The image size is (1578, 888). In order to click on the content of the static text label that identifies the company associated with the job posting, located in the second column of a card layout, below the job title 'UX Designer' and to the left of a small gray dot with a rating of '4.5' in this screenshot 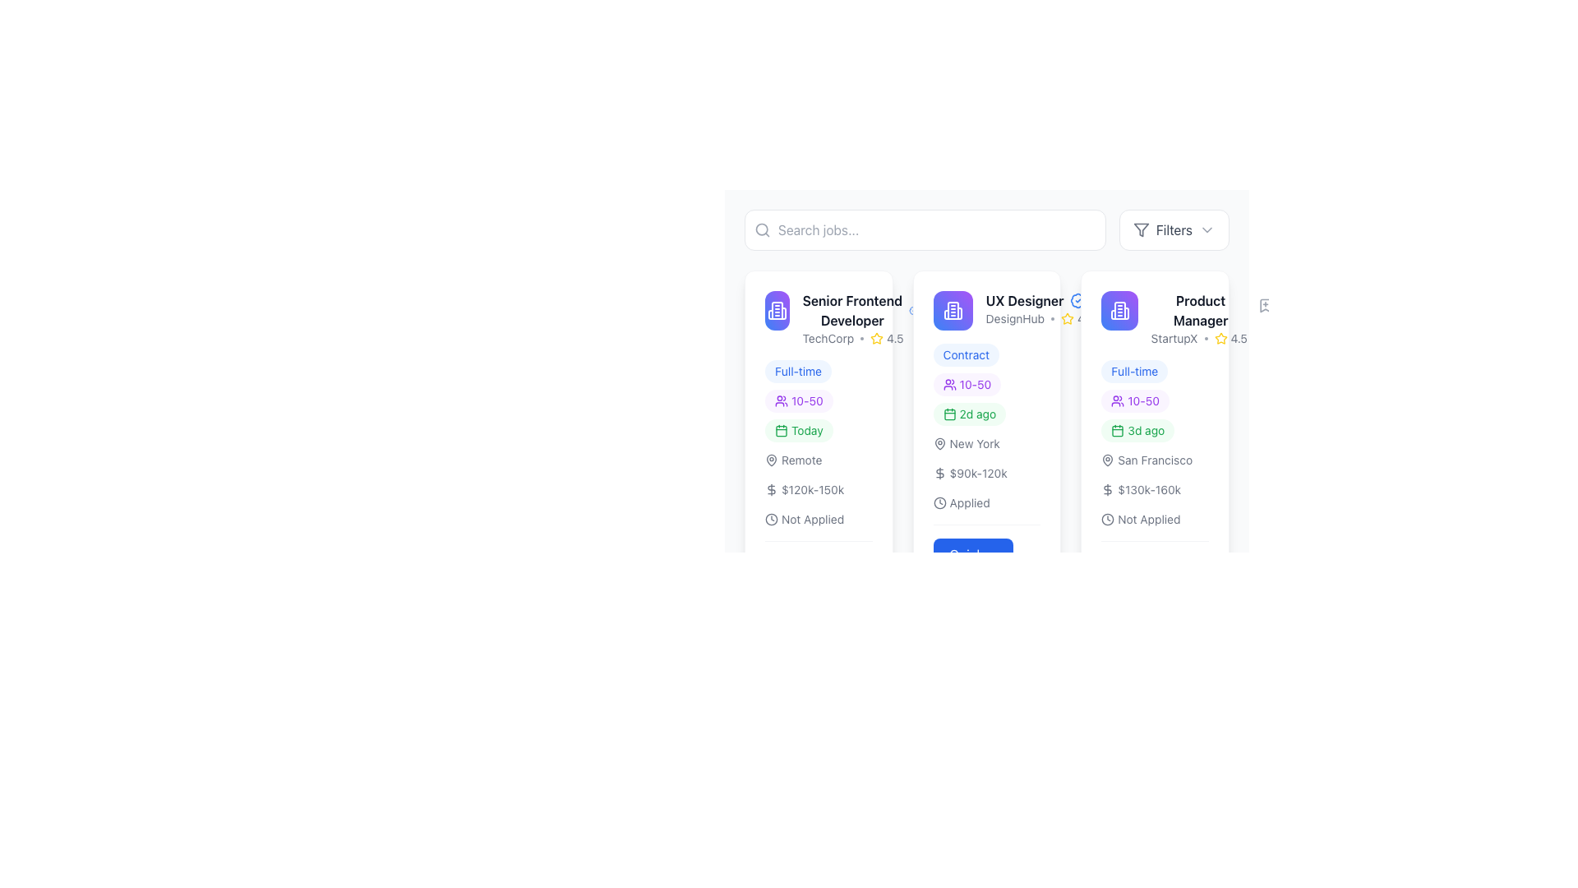, I will do `click(1014, 319)`.